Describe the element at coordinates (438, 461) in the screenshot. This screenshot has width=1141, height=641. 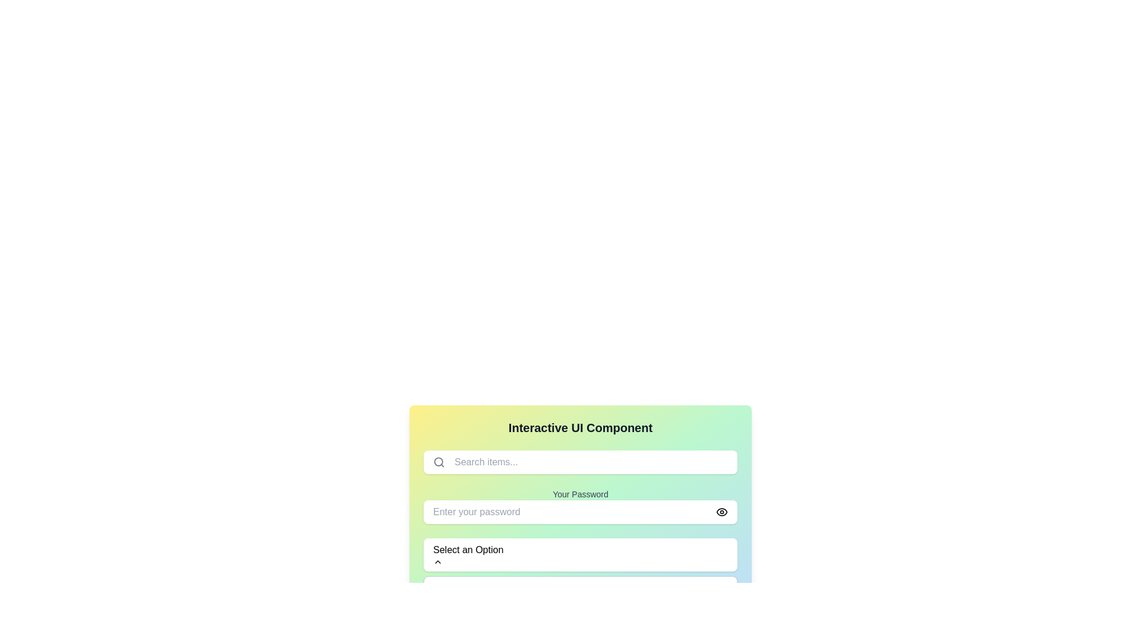
I see `the circular body of the magnifying glass icon, which is positioned to the left of the 'Search items...' text input field` at that location.